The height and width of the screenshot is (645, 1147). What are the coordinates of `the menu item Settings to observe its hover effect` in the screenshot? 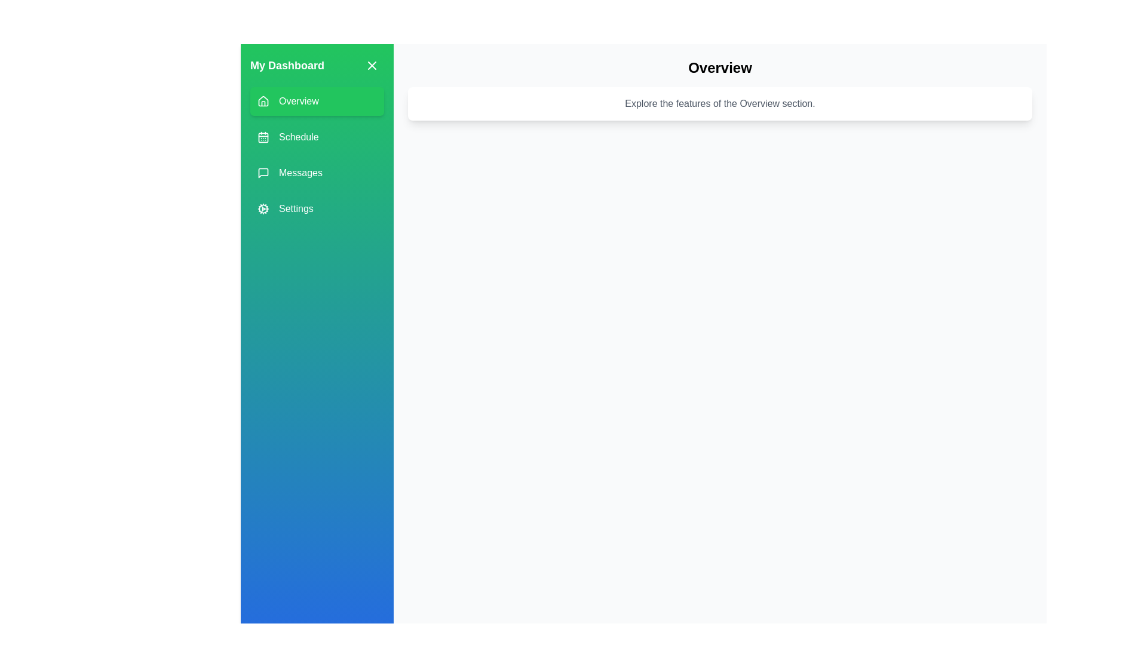 It's located at (317, 208).